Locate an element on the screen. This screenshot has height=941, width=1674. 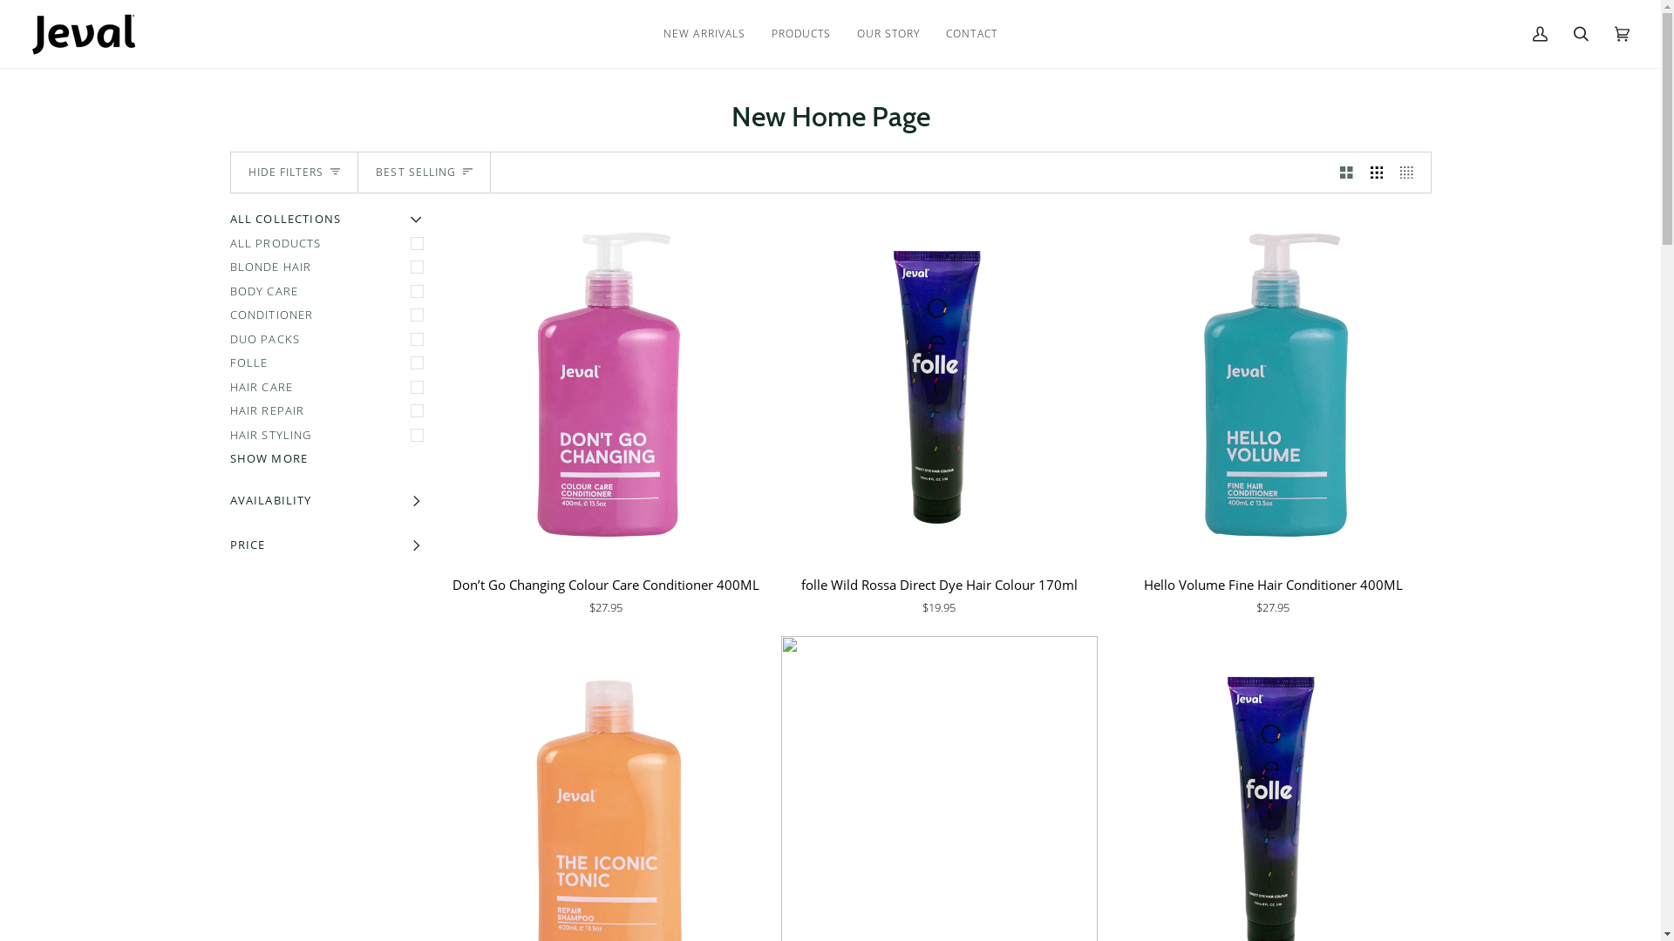
'ALL COLLECTIONS is located at coordinates (330, 220).